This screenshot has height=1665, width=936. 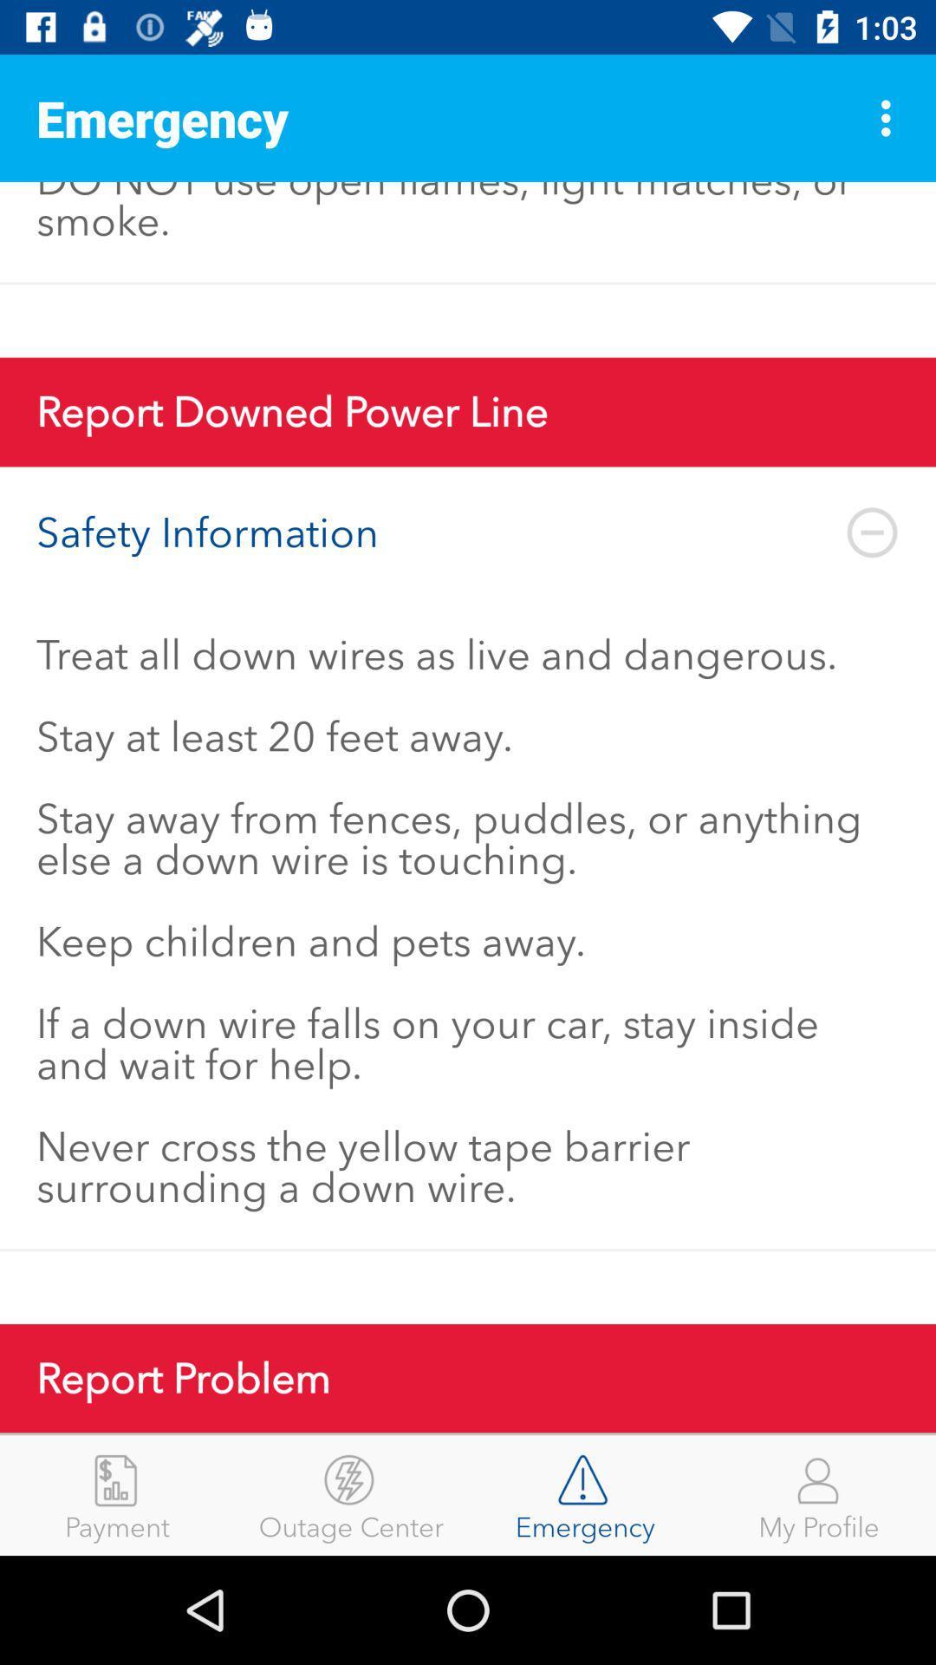 What do you see at coordinates (351, 1494) in the screenshot?
I see `the icon to the right of payment icon` at bounding box center [351, 1494].